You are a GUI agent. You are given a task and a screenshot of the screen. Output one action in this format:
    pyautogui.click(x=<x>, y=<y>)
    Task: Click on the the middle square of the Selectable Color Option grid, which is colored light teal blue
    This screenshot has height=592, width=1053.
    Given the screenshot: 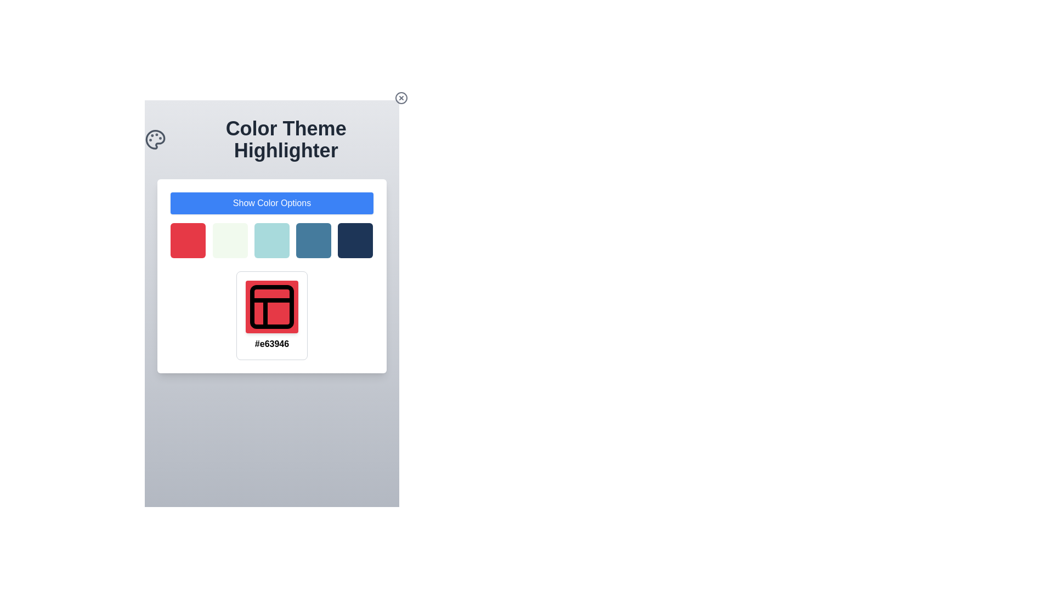 What is the action you would take?
    pyautogui.click(x=271, y=240)
    